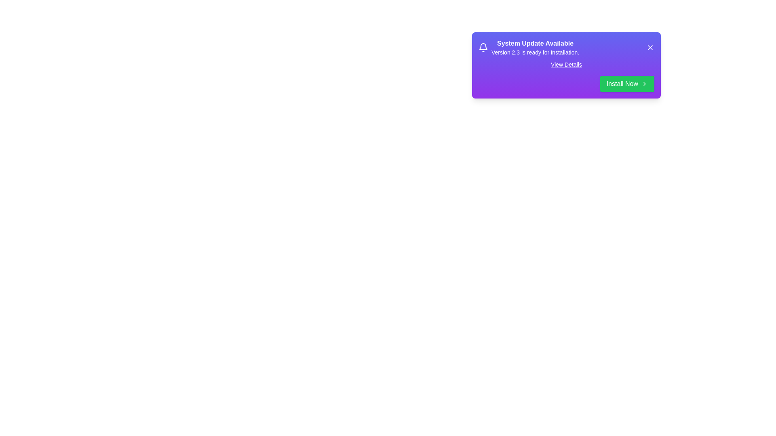 The width and height of the screenshot is (776, 436). I want to click on 'View Details' button to toggle details visibility, so click(566, 64).